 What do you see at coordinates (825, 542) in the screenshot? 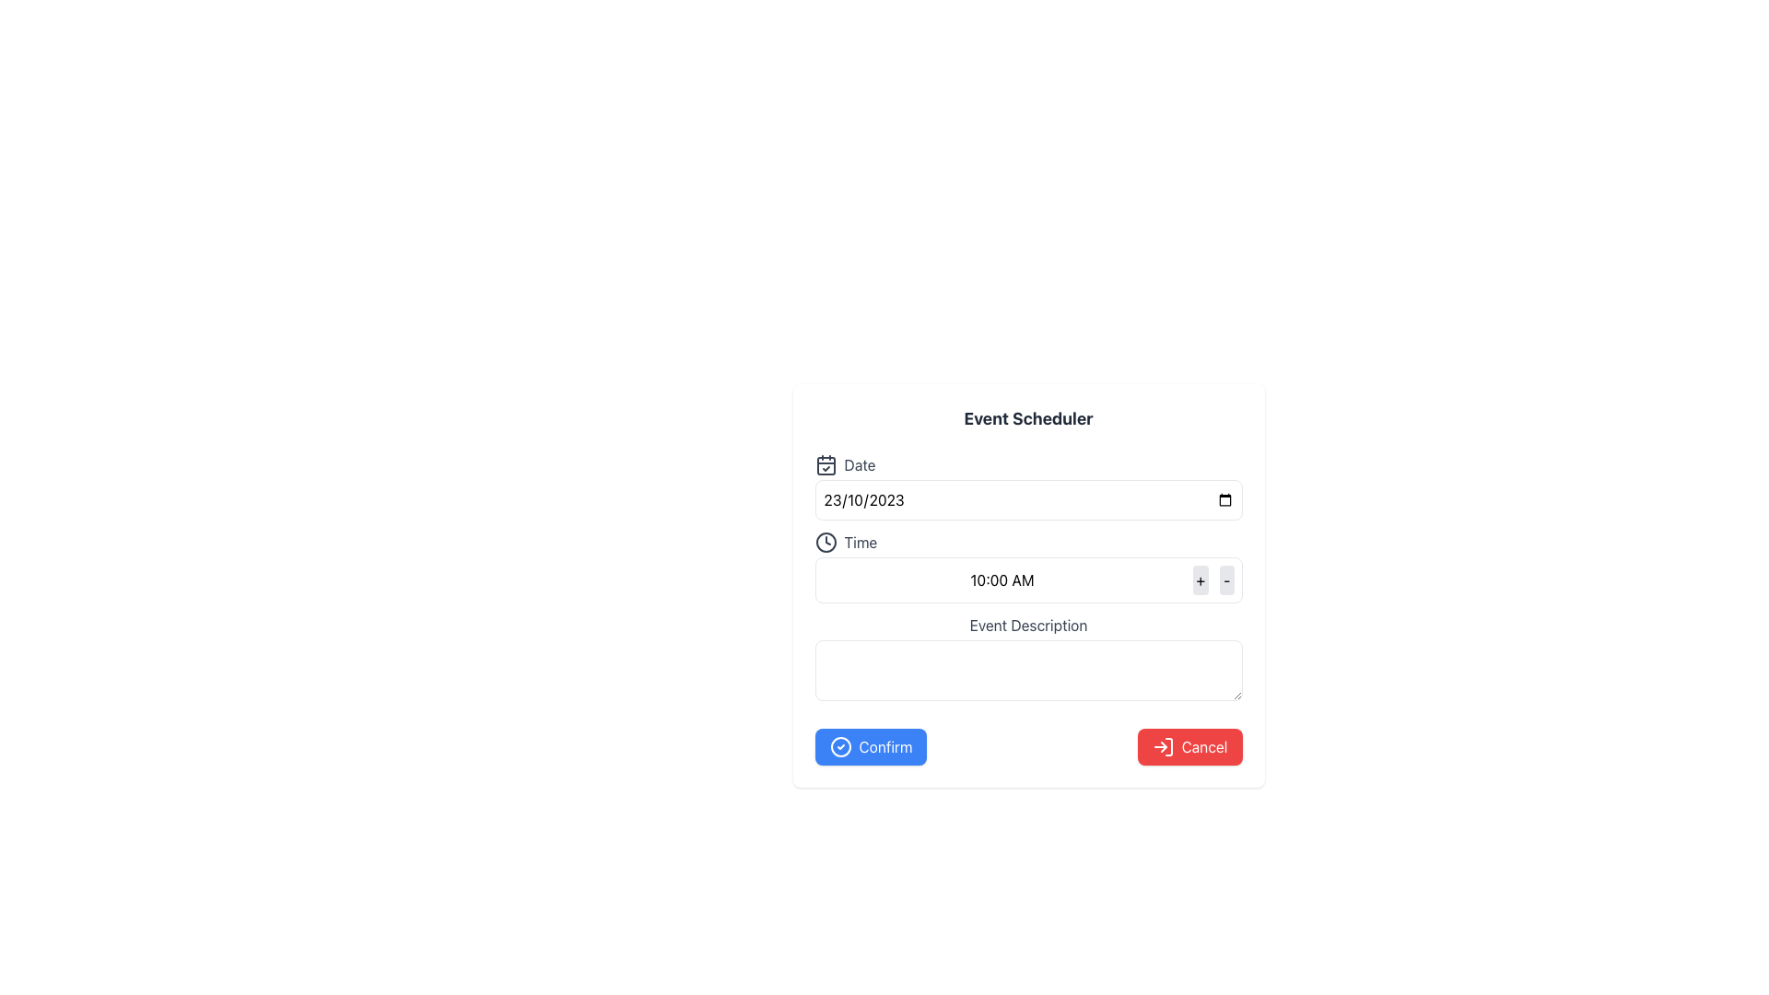
I see `the circular component of the clock icon located alongside the 'Time' label in the event scheduling interface` at bounding box center [825, 542].